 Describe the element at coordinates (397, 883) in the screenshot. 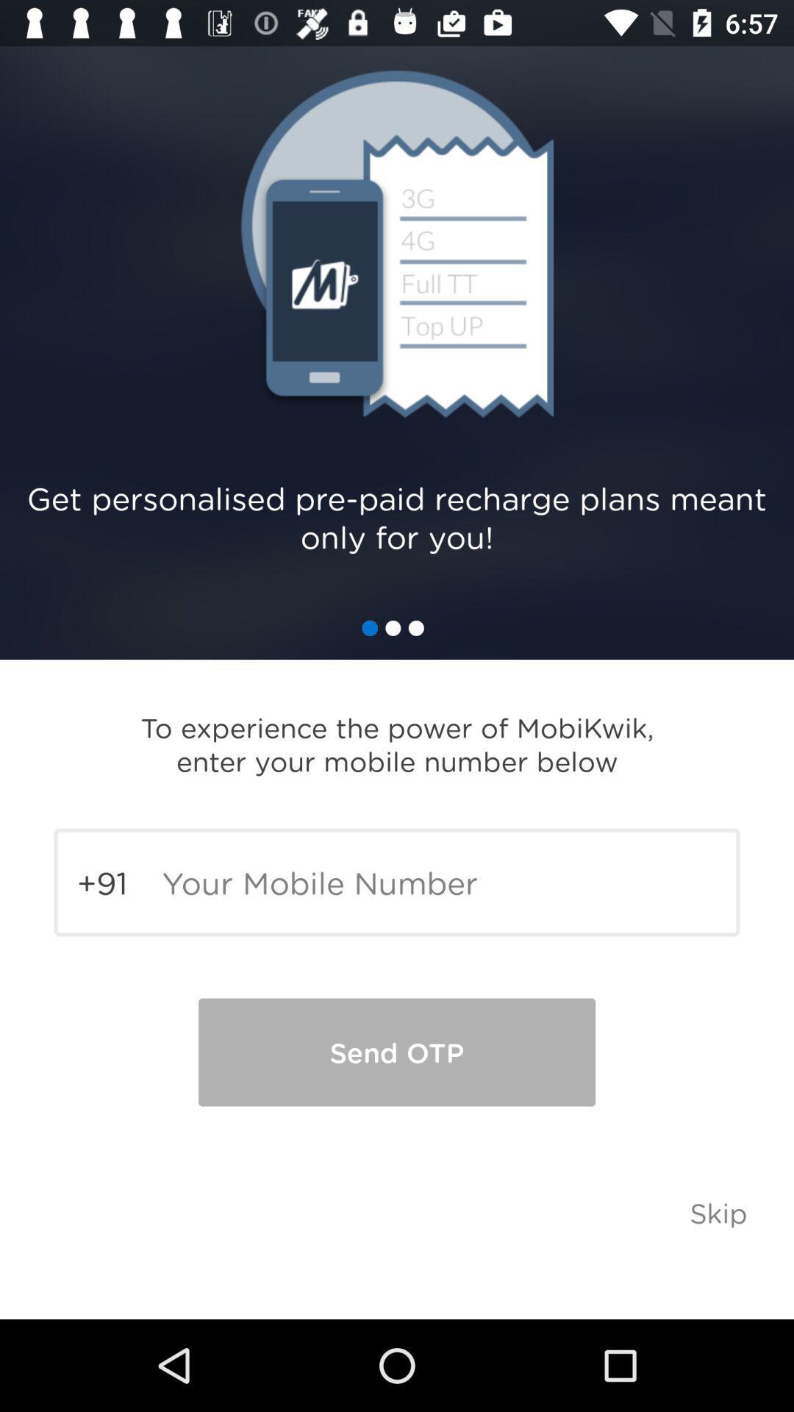

I see `phone number text box` at that location.